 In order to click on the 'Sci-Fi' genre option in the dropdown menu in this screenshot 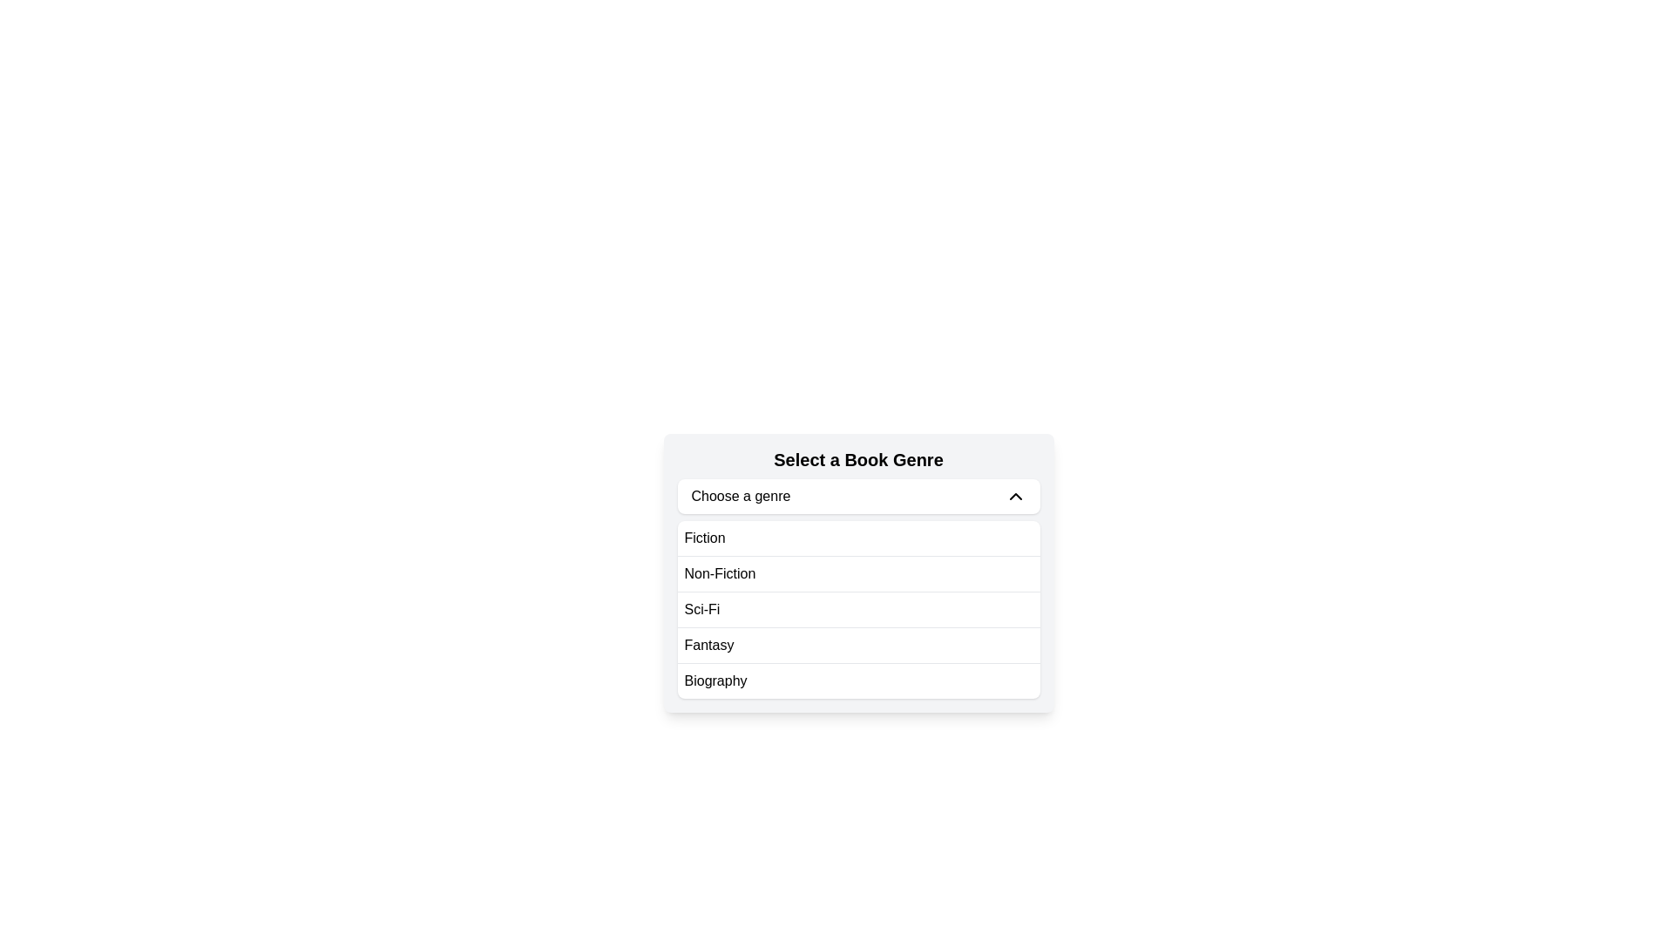, I will do `click(702, 608)`.